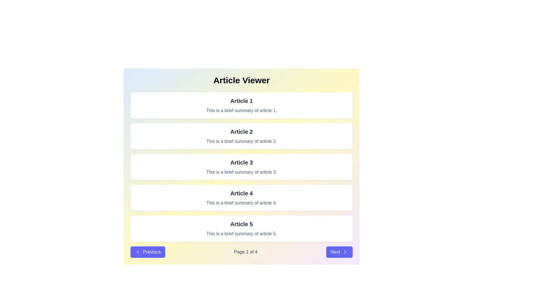 The height and width of the screenshot is (308, 547). Describe the element at coordinates (152, 252) in the screenshot. I see `the 'Previous' button which displays the word 'Previous' in bold white font on a purple button background, located at the bottom left of the interface` at that location.